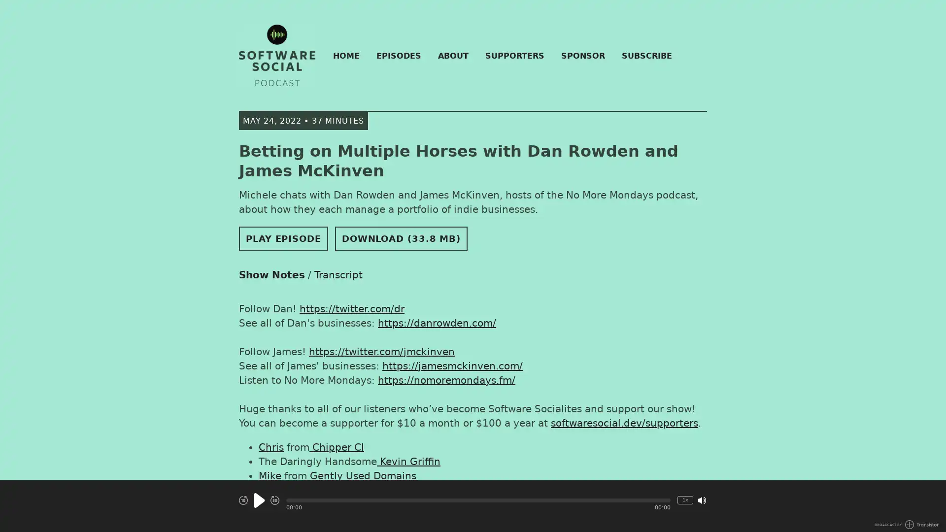 This screenshot has width=946, height=532. I want to click on Seek within Episode, so click(478, 500).